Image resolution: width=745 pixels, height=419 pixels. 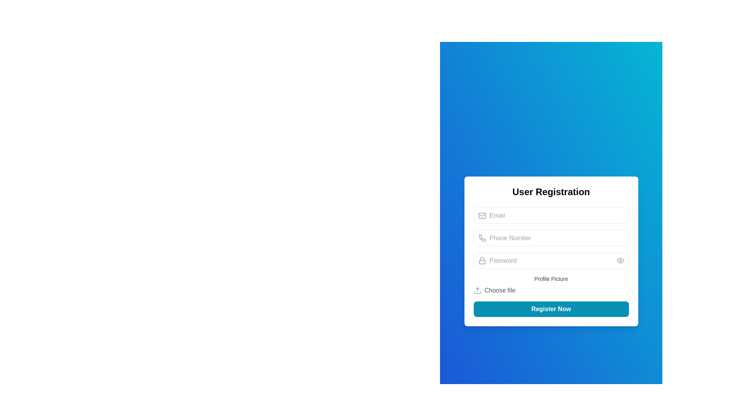 What do you see at coordinates (482, 237) in the screenshot?
I see `the decorative icon that denotes the phone number input field in the user registration form, located to the left of the input box` at bounding box center [482, 237].